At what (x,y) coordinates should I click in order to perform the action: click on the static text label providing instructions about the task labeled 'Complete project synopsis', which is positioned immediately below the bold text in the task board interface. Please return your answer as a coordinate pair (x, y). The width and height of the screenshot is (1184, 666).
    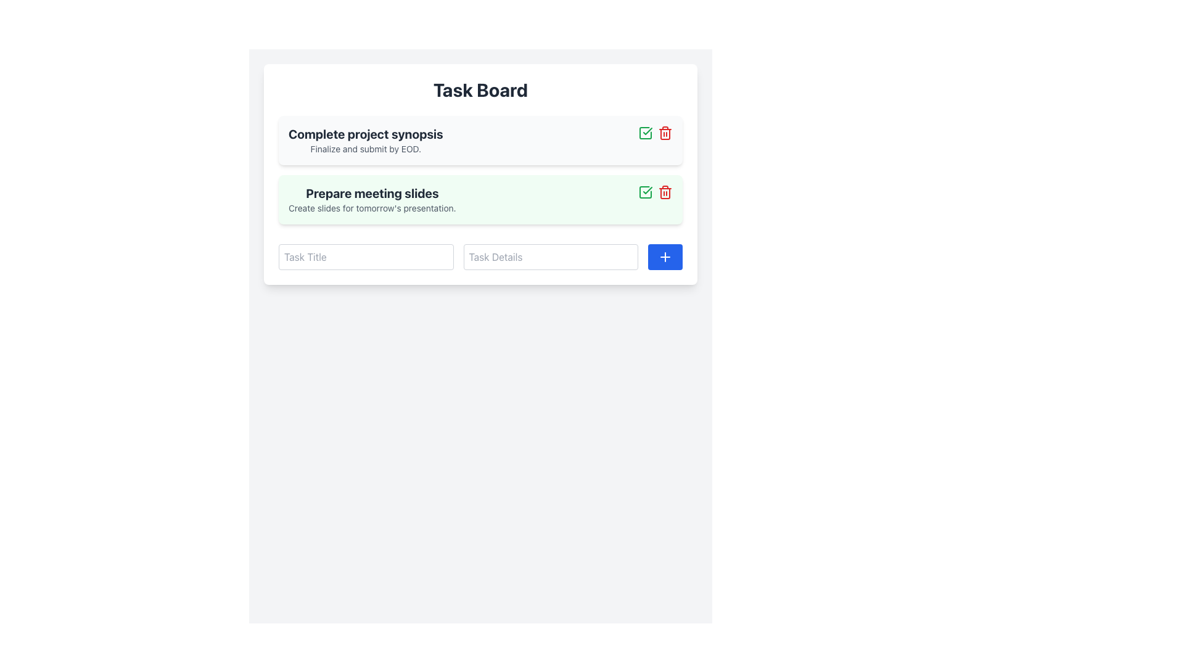
    Looking at the image, I should click on (365, 149).